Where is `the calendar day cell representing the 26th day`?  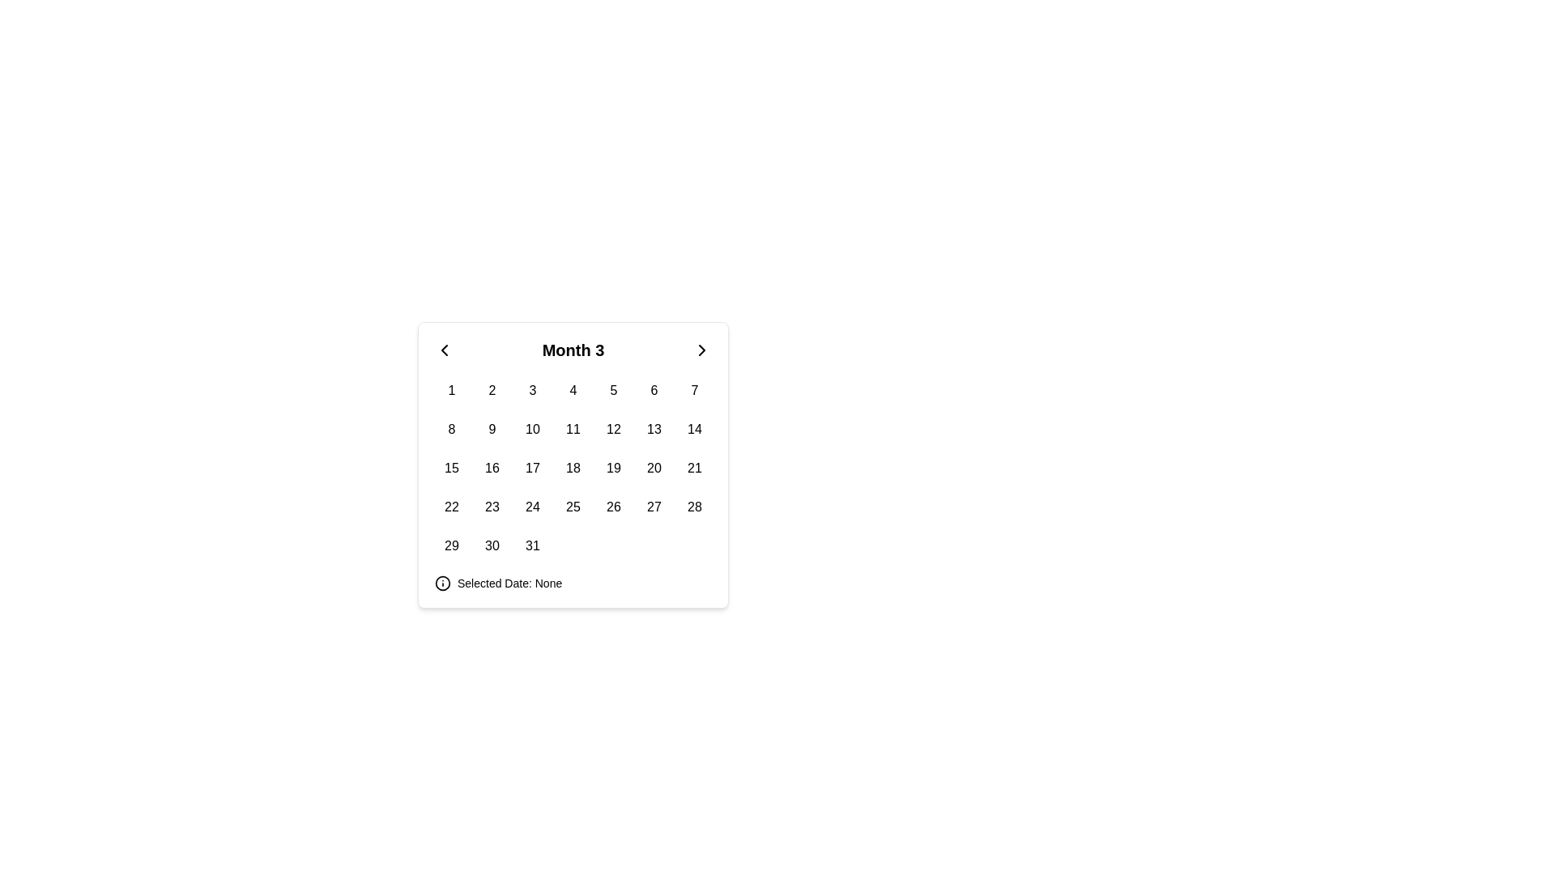
the calendar day cell representing the 26th day is located at coordinates (613, 507).